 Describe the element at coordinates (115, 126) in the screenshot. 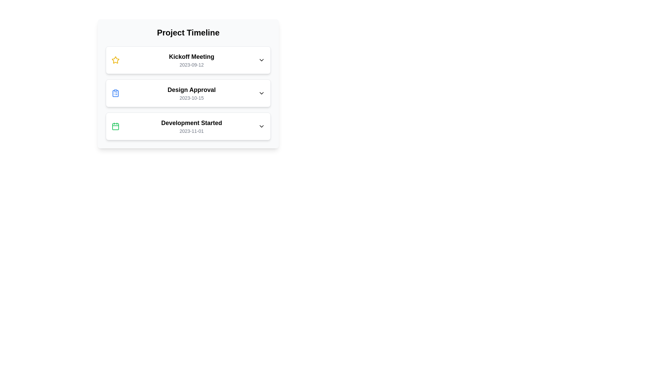

I see `the green rectangular icon component located next to the text 'Development Started' in the third row of elements` at that location.